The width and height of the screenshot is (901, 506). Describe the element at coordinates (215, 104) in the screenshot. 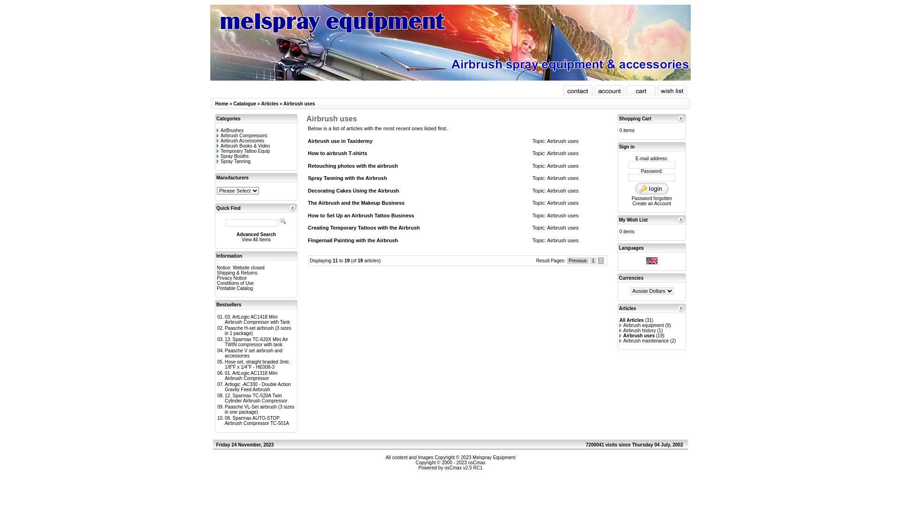

I see `'Home'` at that location.